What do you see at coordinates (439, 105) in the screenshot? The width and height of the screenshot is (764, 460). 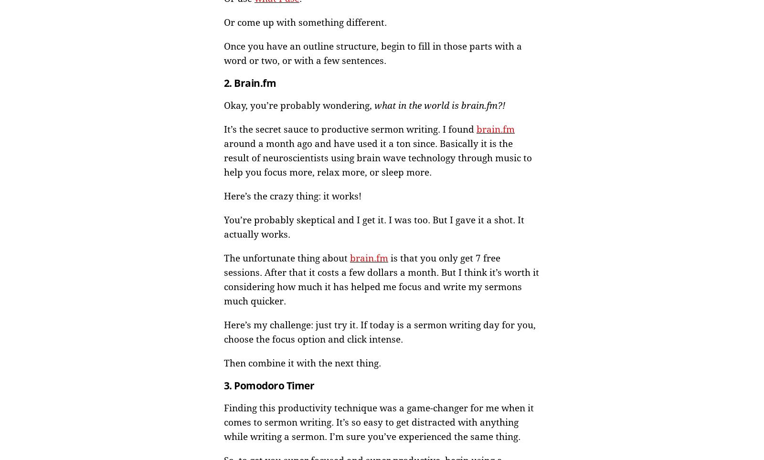 I see `'what in the world is brain.fm?!'` at bounding box center [439, 105].